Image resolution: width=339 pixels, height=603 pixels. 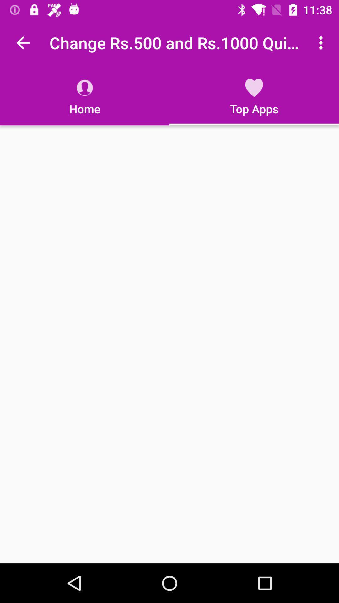 What do you see at coordinates (23, 42) in the screenshot?
I see `the app next to change rs 500 icon` at bounding box center [23, 42].